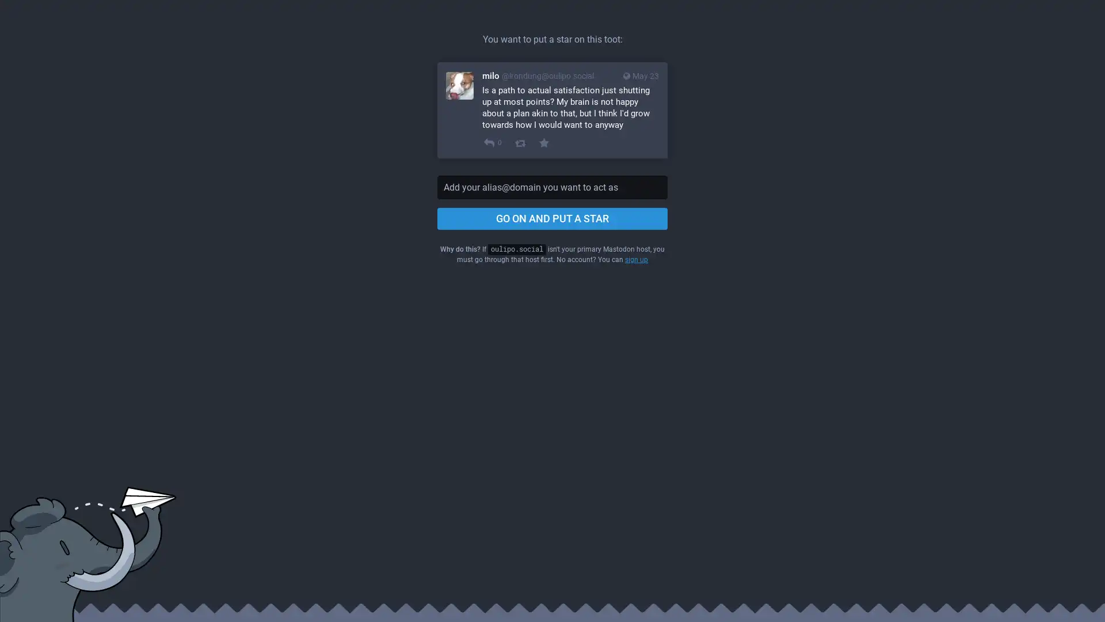 The height and width of the screenshot is (622, 1105). What do you see at coordinates (552, 219) in the screenshot?
I see `GO ON AND PUT A STAR` at bounding box center [552, 219].